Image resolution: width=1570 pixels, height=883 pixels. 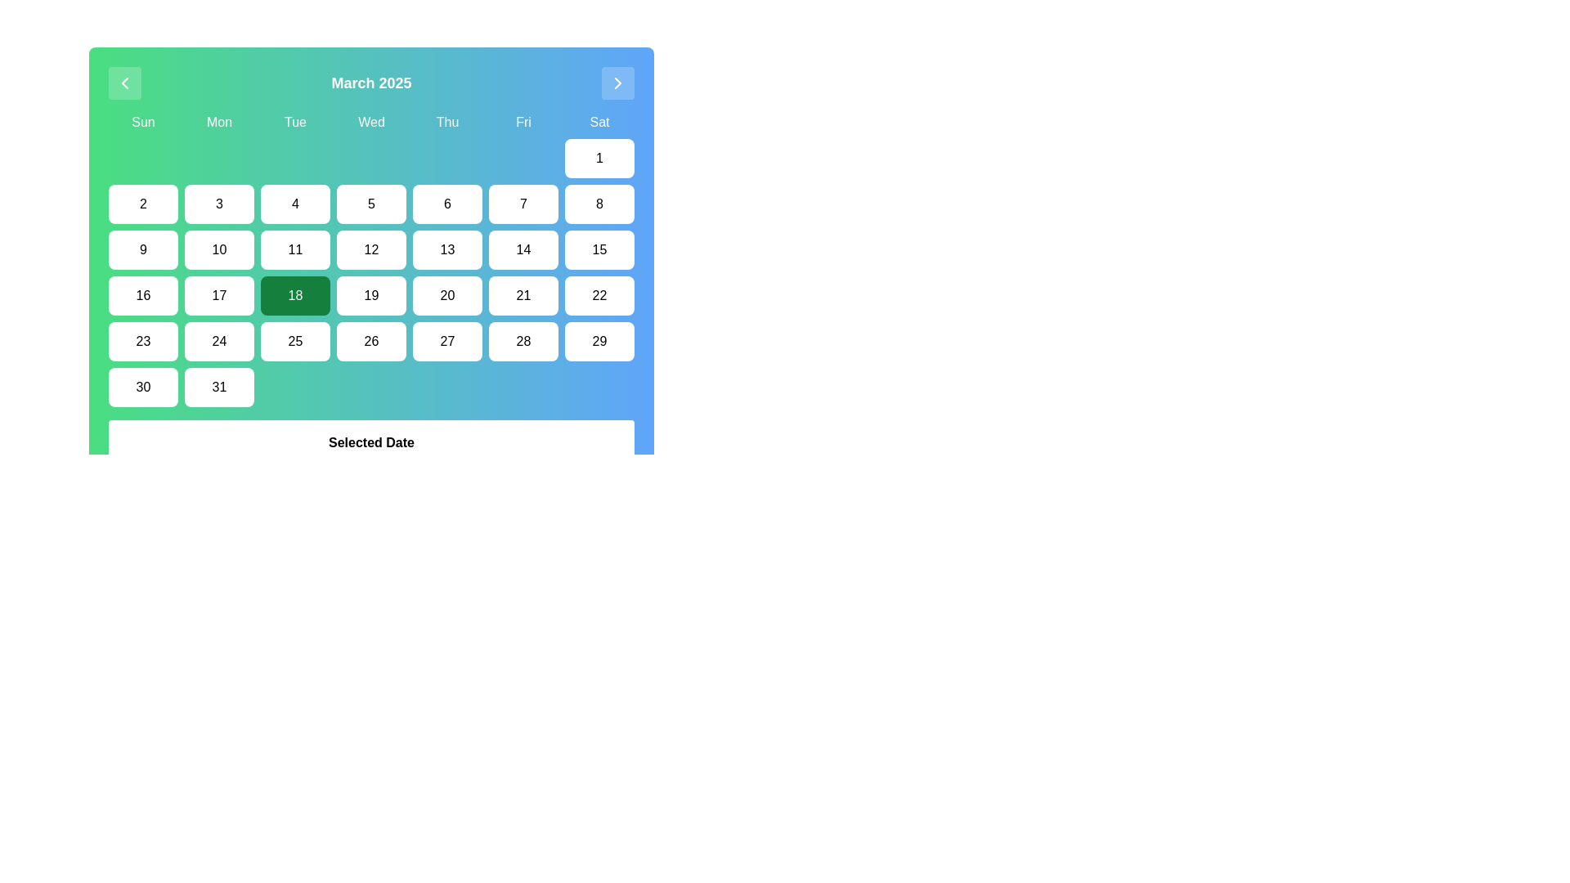 I want to click on the button representing the date '14' in the calendar grid, so click(x=523, y=249).